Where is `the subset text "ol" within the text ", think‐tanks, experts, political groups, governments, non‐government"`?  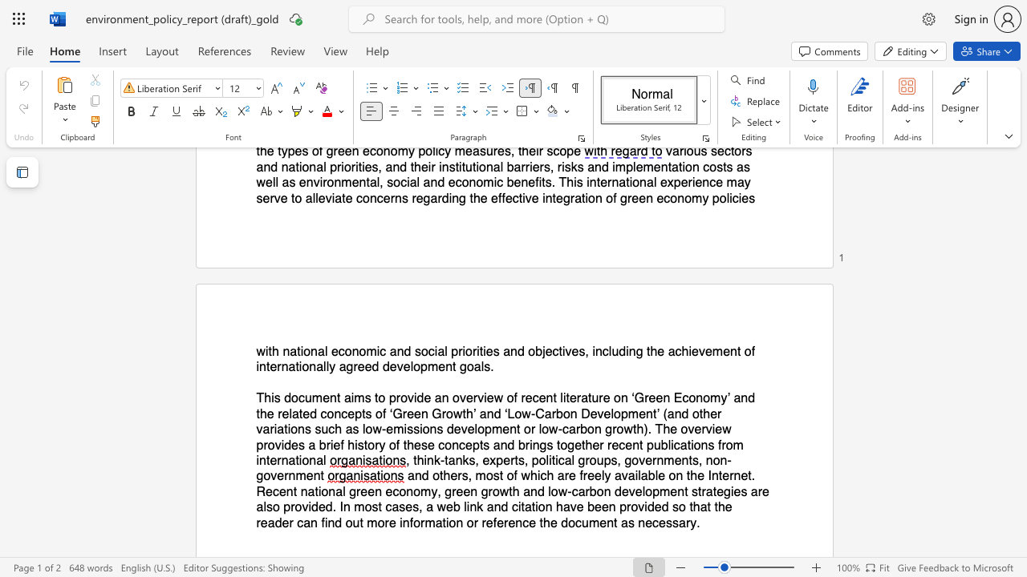
the subset text "ol" within the text ", think‐tanks, experts, political groups, governments, non‐government" is located at coordinates (538, 460).